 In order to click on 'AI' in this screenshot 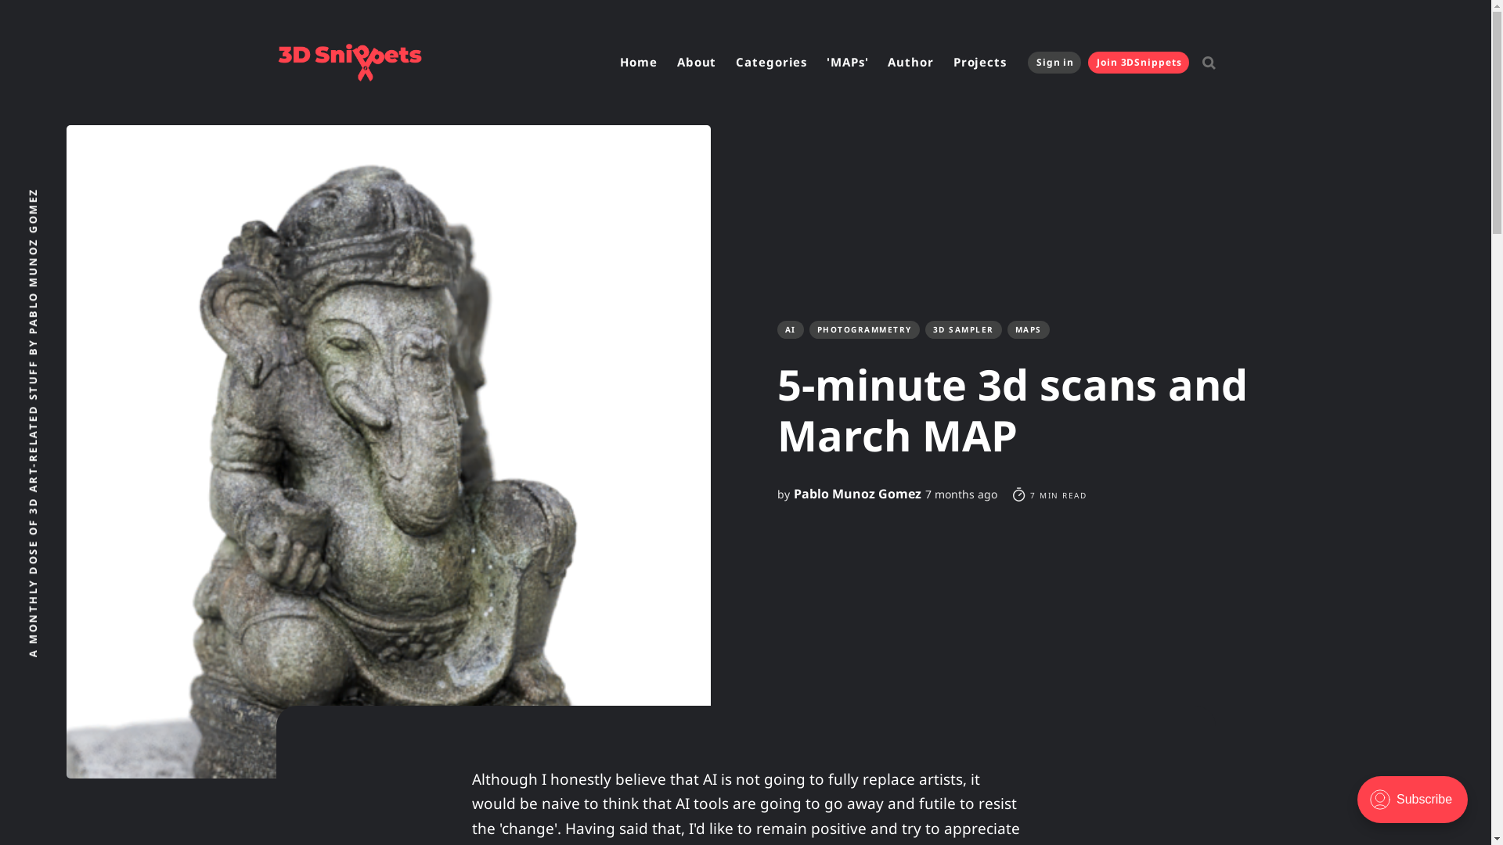, I will do `click(789, 329)`.